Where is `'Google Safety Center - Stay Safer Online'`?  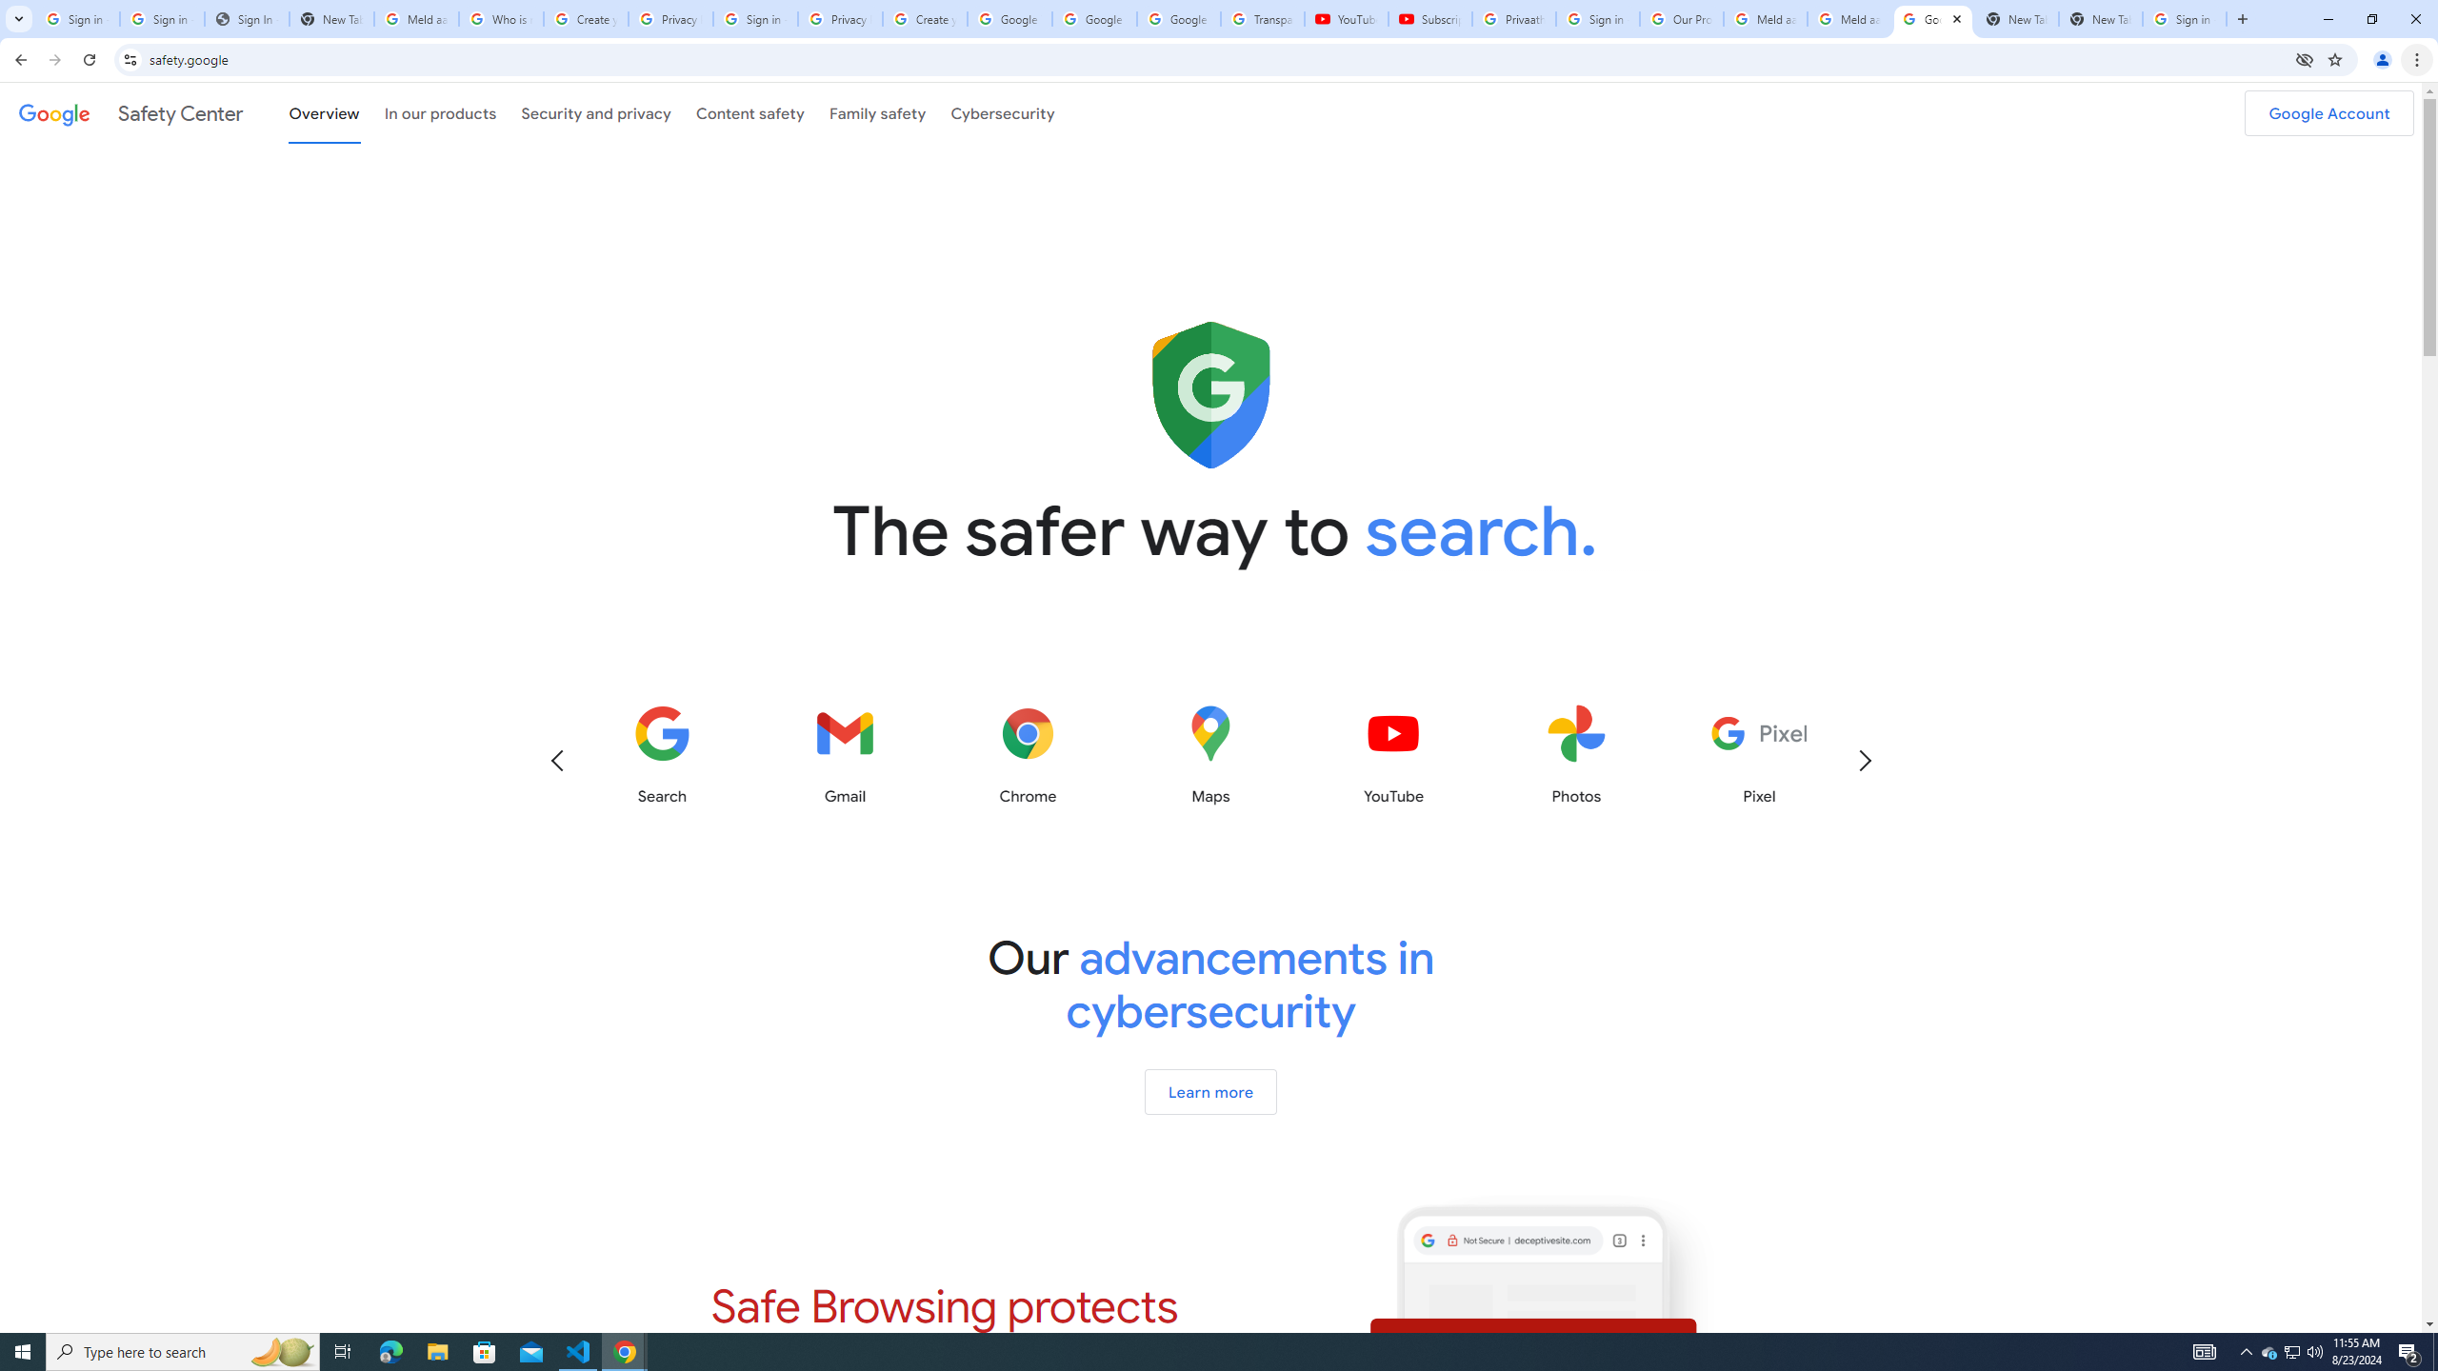
'Google Safety Center - Stay Safer Online' is located at coordinates (1933, 18).